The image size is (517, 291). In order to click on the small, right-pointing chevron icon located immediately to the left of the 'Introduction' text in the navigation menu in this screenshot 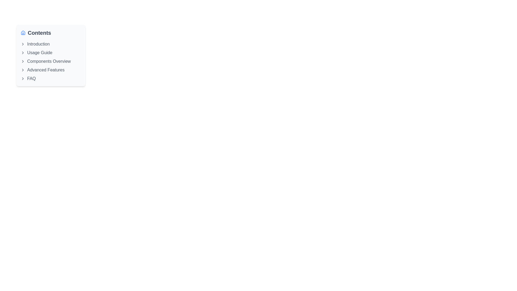, I will do `click(23, 44)`.